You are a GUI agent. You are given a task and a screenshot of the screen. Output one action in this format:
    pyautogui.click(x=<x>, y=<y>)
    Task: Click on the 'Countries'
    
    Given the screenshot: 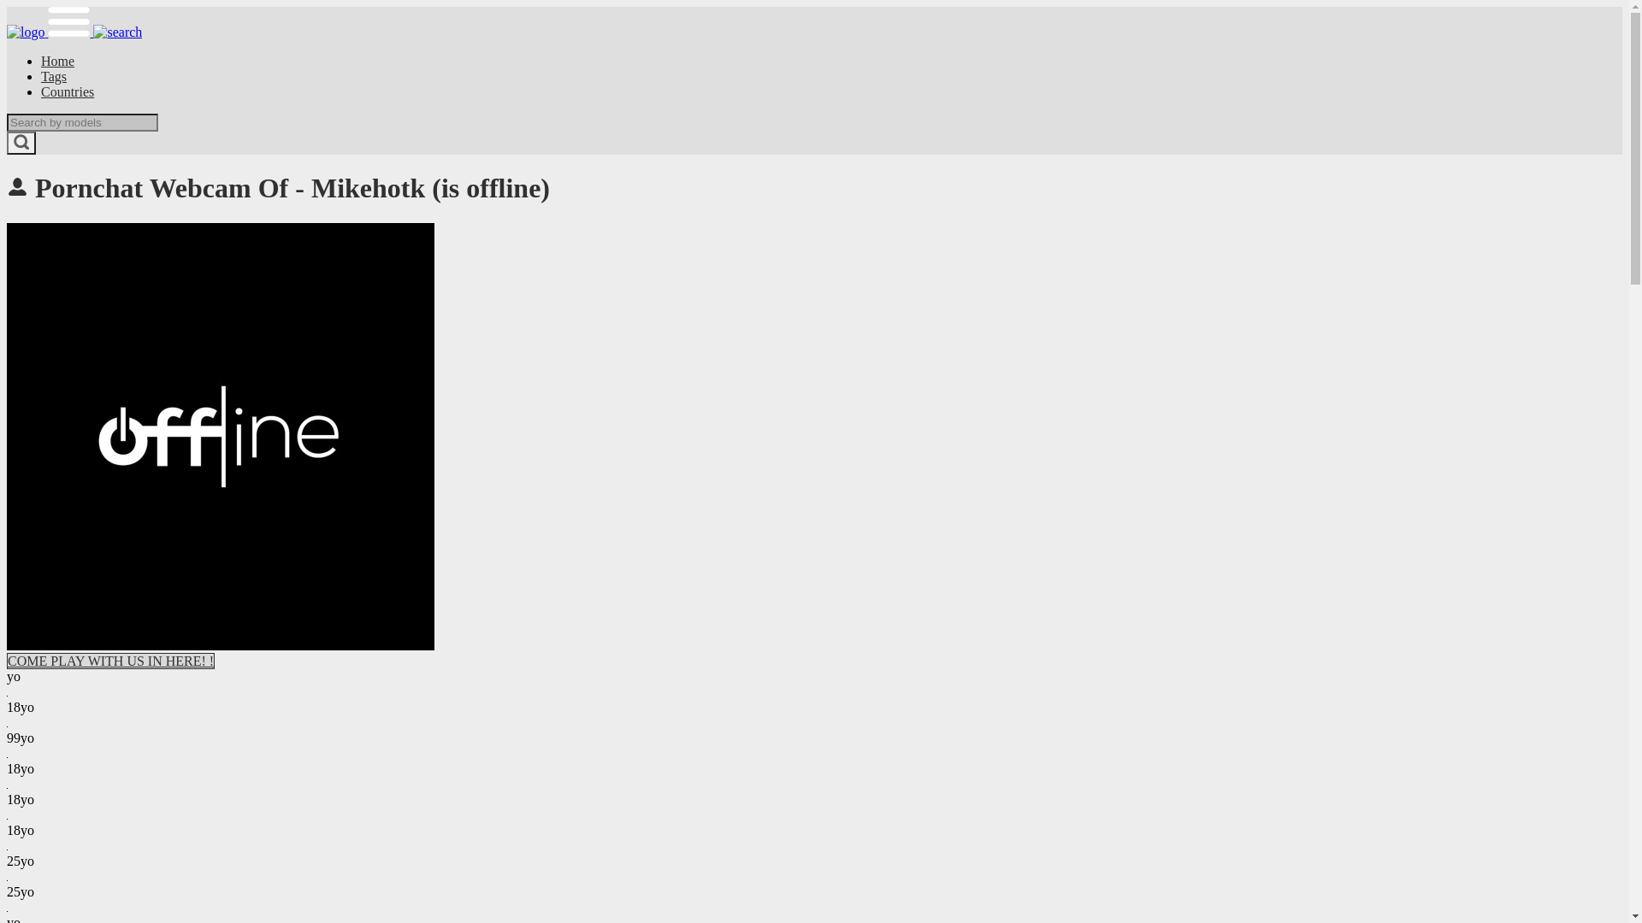 What is the action you would take?
    pyautogui.click(x=67, y=91)
    